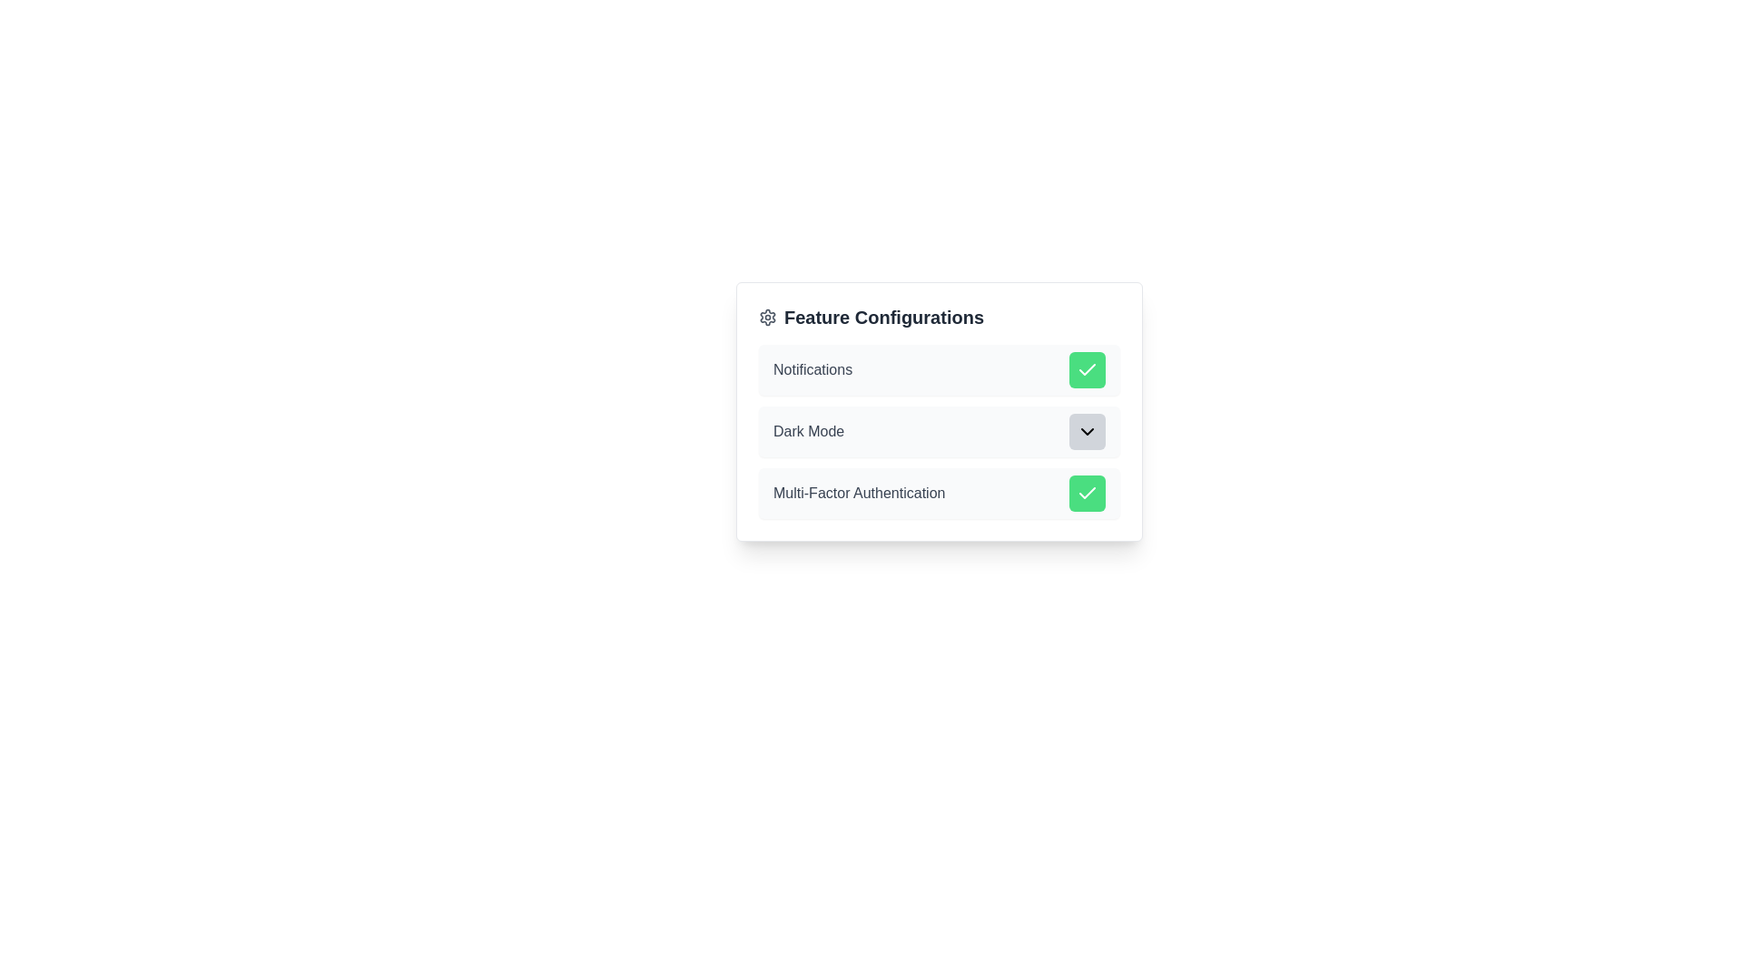 This screenshot has height=980, width=1743. I want to click on the checkmark icon, which is a white outlined checkmark within a green circular background, located on the right side of the 'Notifications' option in the 'Feature Configurations' section, so click(1088, 369).